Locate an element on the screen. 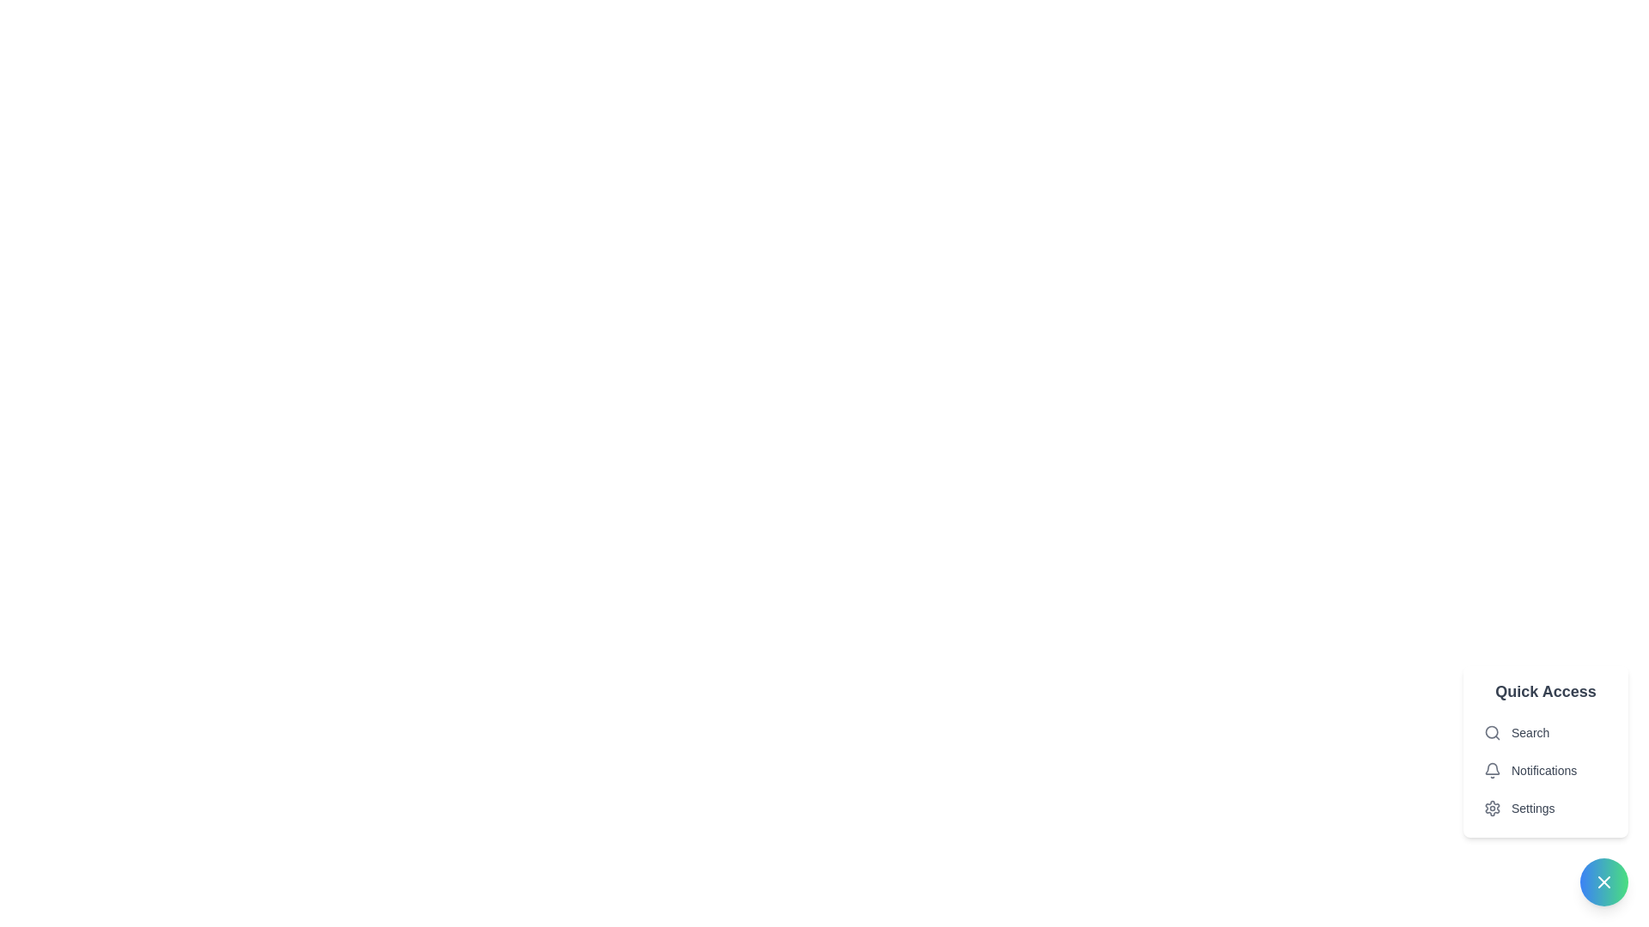 The height and width of the screenshot is (927, 1649). the text content of the 'Notifications' label, which is styled in gray and positioned next to the notification bell icon in the Quick Access menu is located at coordinates (1544, 770).